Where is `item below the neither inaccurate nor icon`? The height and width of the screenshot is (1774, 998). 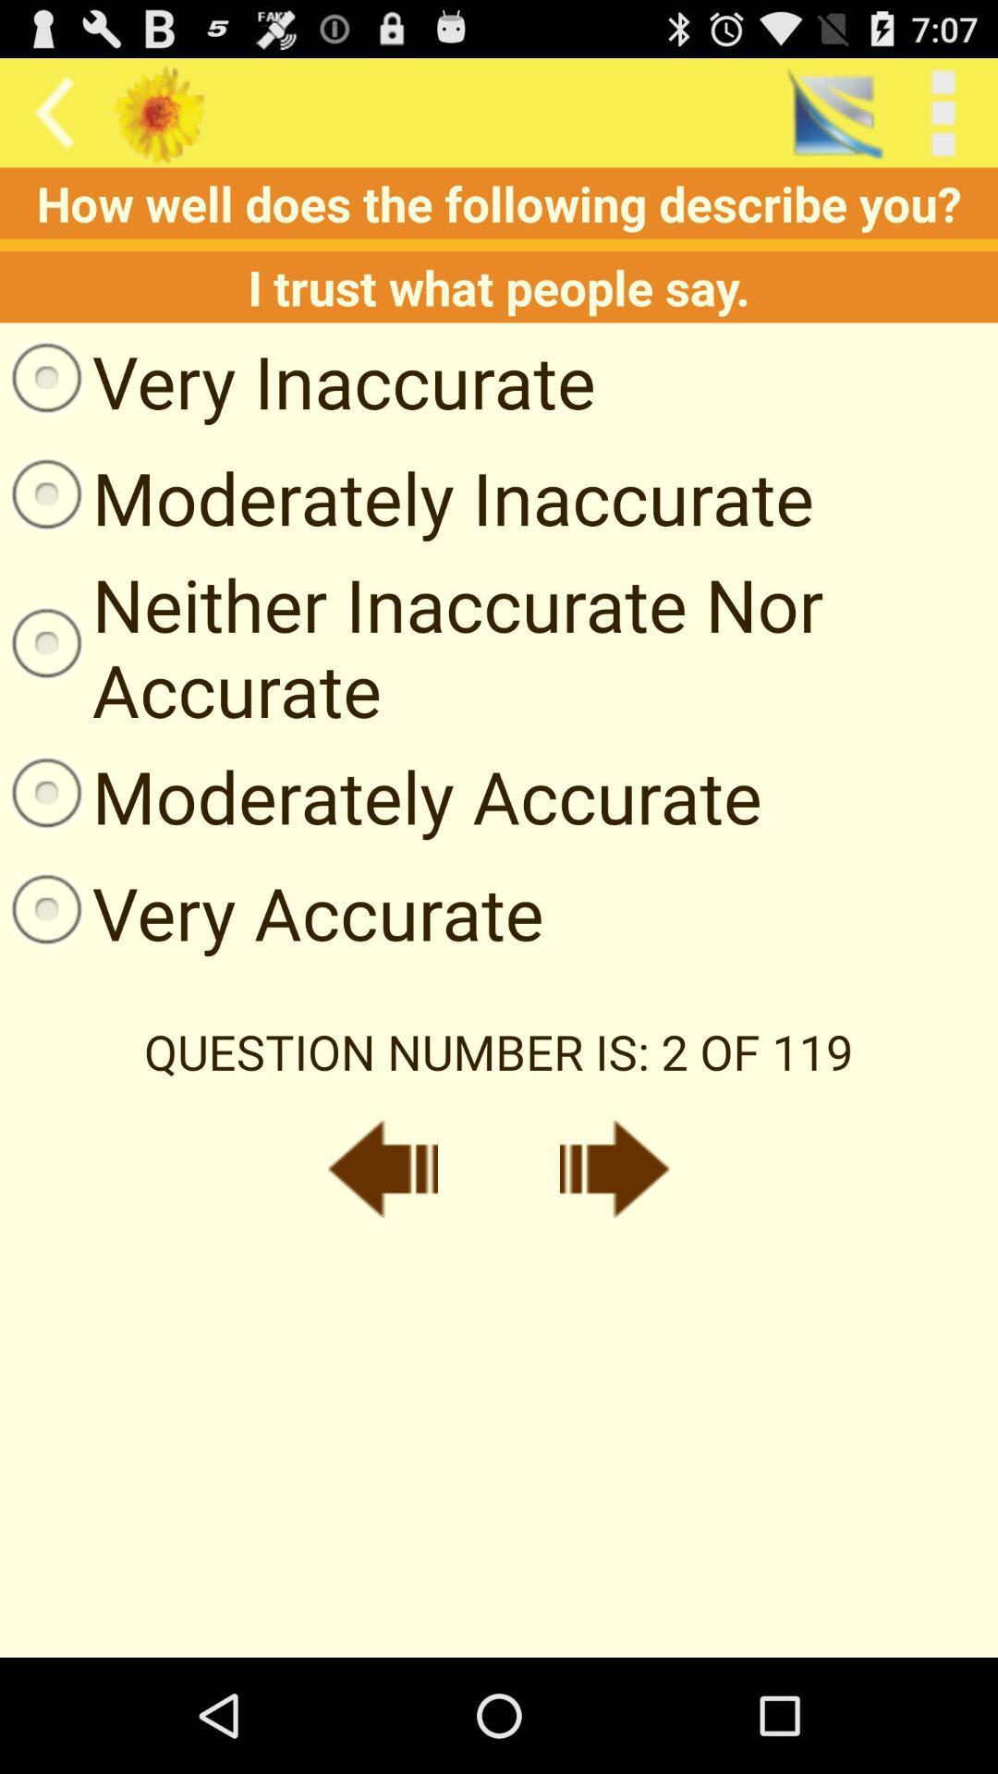
item below the neither inaccurate nor icon is located at coordinates (380, 796).